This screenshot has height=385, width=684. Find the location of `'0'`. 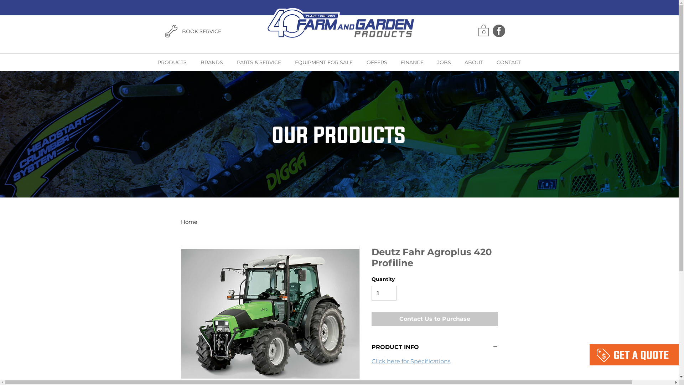

'0' is located at coordinates (483, 30).